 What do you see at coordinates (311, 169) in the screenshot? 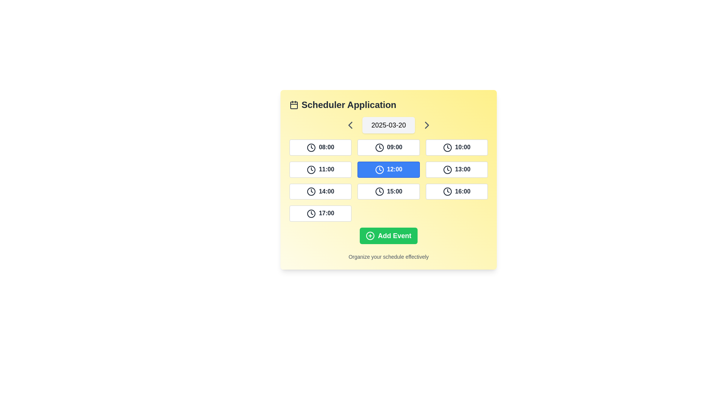
I see `the scheduling button by clicking on the icon located to the left of the text '11:00' in the second row, first column of the scheduler grid` at bounding box center [311, 169].